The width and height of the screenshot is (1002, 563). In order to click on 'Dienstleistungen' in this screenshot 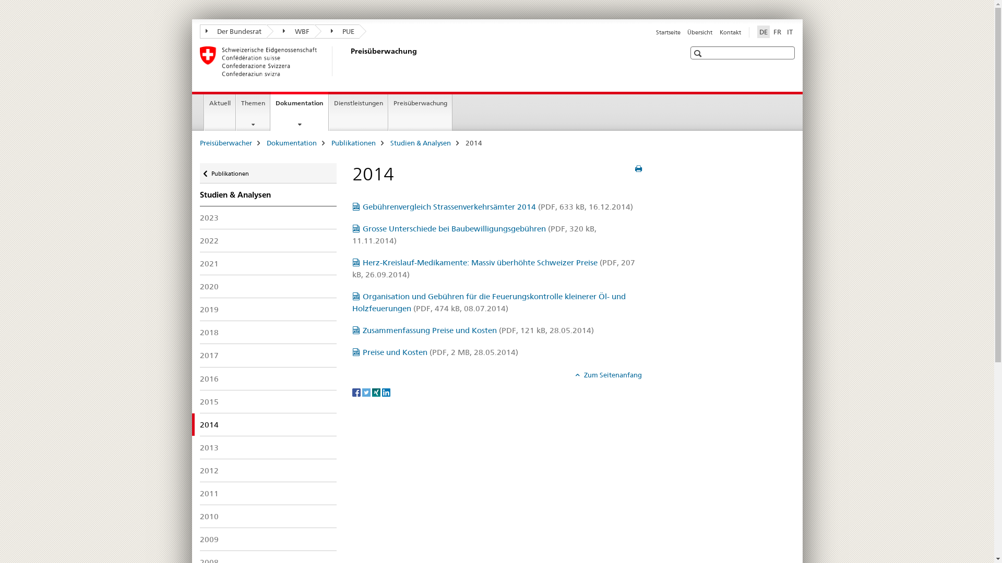, I will do `click(358, 113)`.